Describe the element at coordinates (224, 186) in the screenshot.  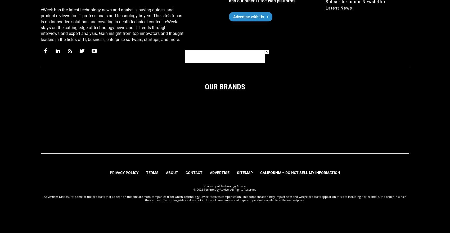
I see `'Property of TechnologyAdvice.'` at that location.